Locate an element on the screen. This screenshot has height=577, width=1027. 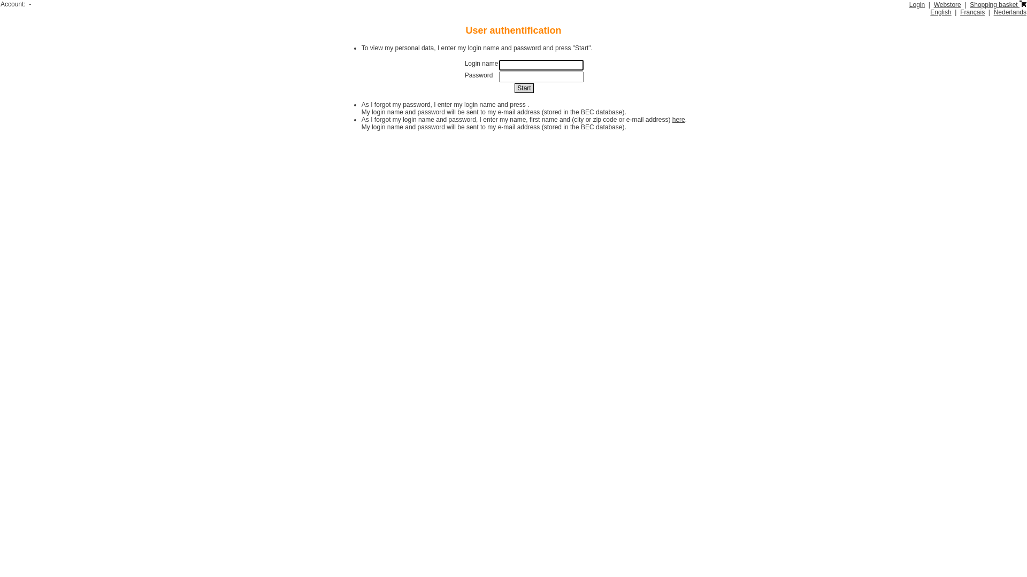
'Nederlands' is located at coordinates (1009, 12).